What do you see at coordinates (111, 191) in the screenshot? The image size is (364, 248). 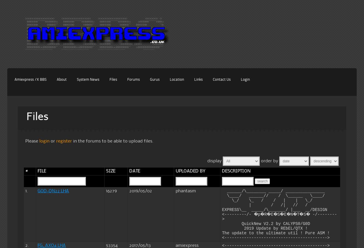 I see `'16279'` at bounding box center [111, 191].